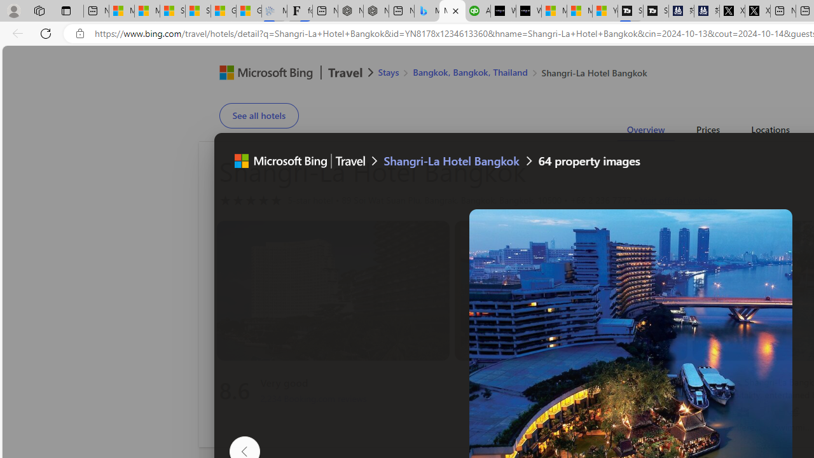  What do you see at coordinates (452, 11) in the screenshot?
I see `'Microsoft Bing Travel - Shangri-La Hotel Bangkok'` at bounding box center [452, 11].